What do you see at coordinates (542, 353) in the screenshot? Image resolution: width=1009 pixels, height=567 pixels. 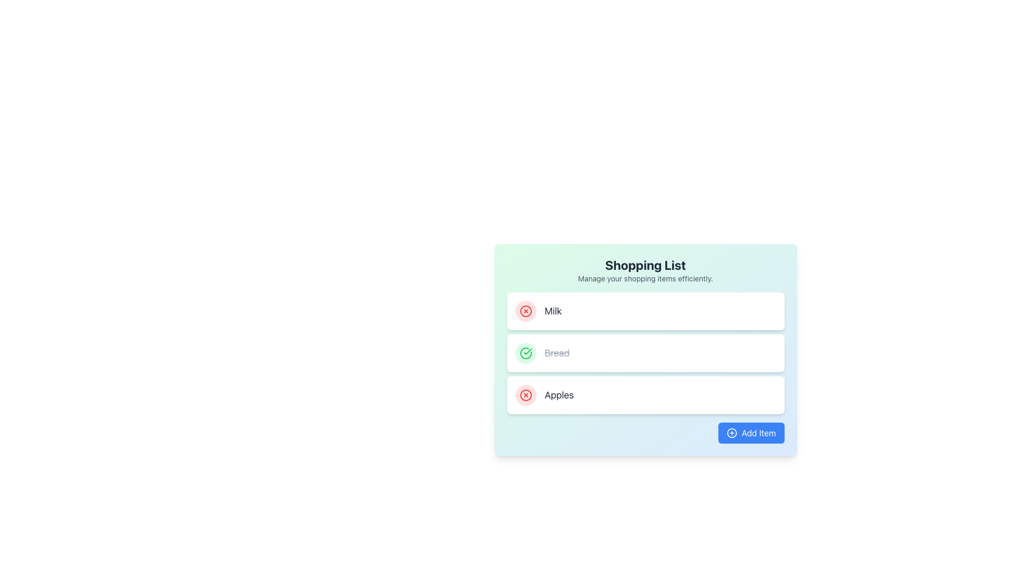 I see `the completed shopping list item for 'Bread', which is the second item in the list, positioned below 'Milk' and above 'Apples'` at bounding box center [542, 353].